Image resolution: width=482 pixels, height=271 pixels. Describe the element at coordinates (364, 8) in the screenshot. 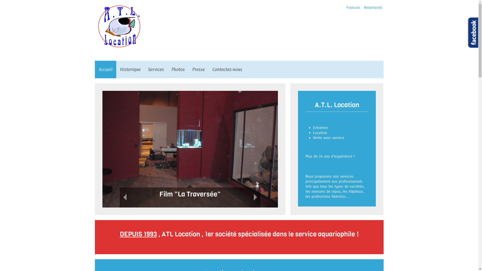

I see `'Nederlands'` at that location.